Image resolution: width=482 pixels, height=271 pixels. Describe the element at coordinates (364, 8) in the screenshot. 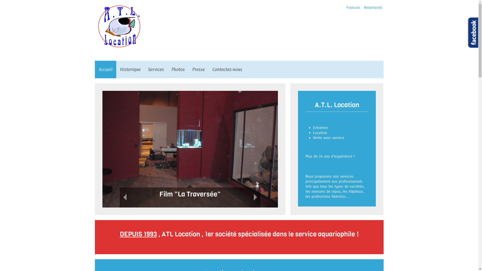

I see `'Nederlands'` at that location.